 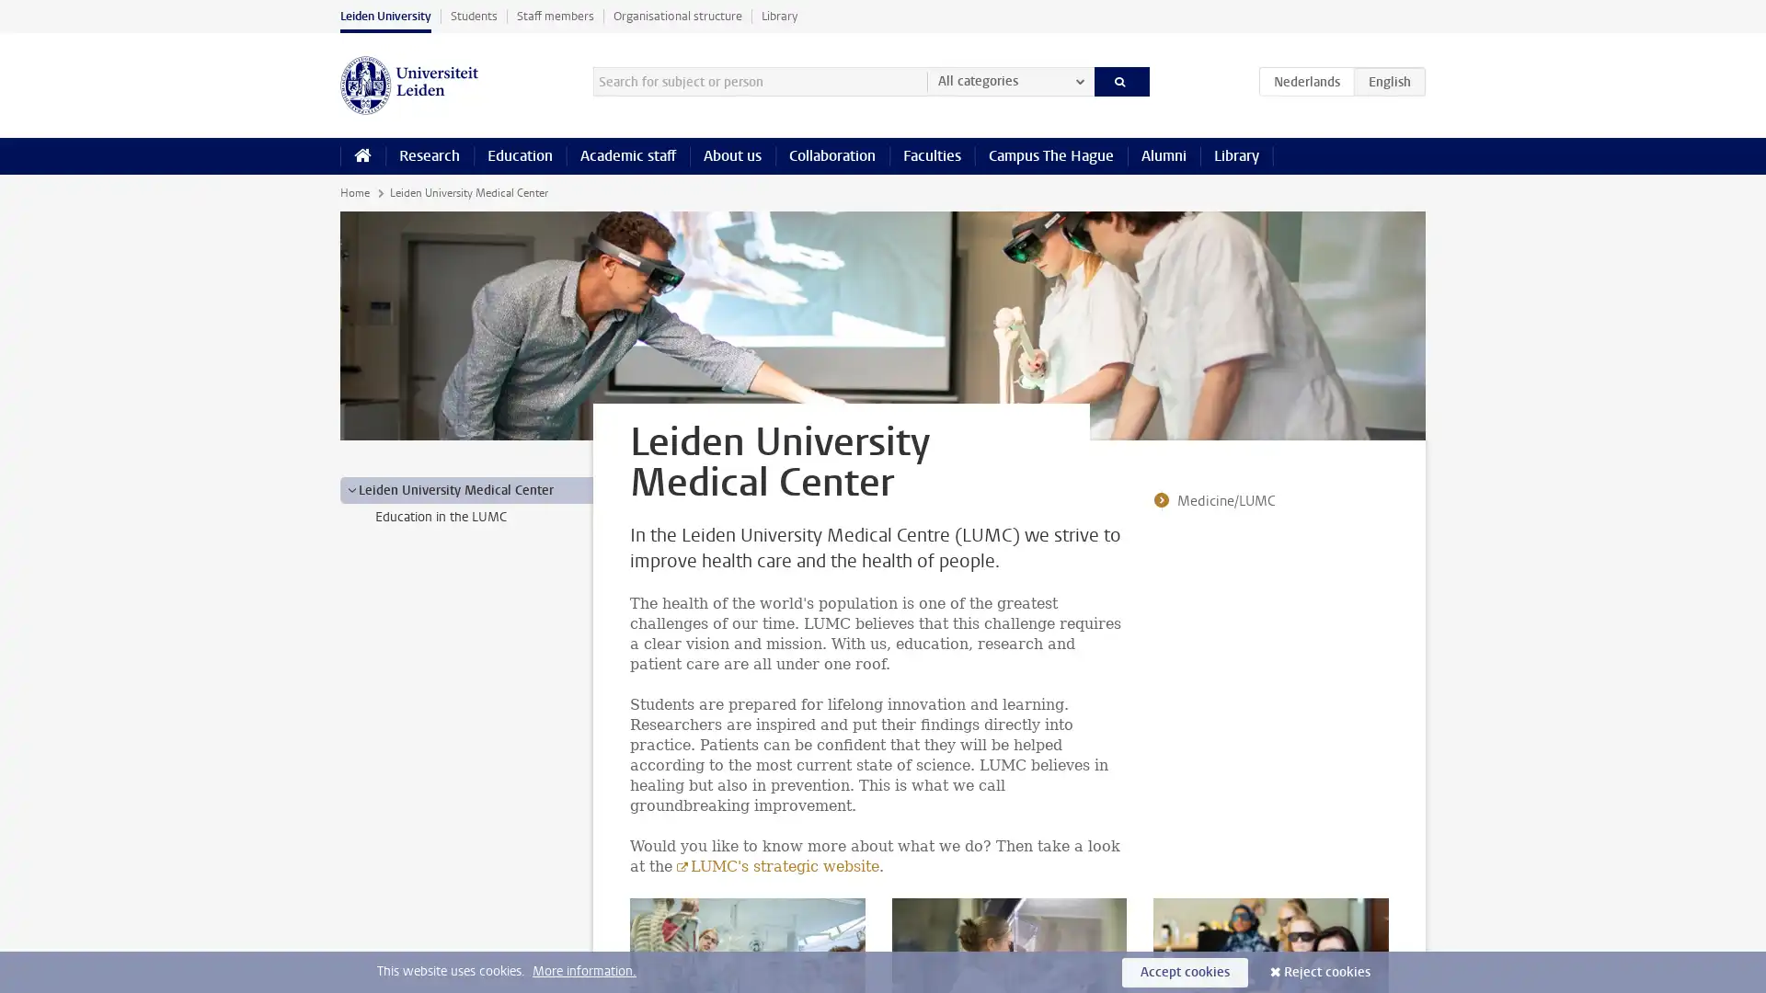 I want to click on Search, so click(x=1120, y=80).